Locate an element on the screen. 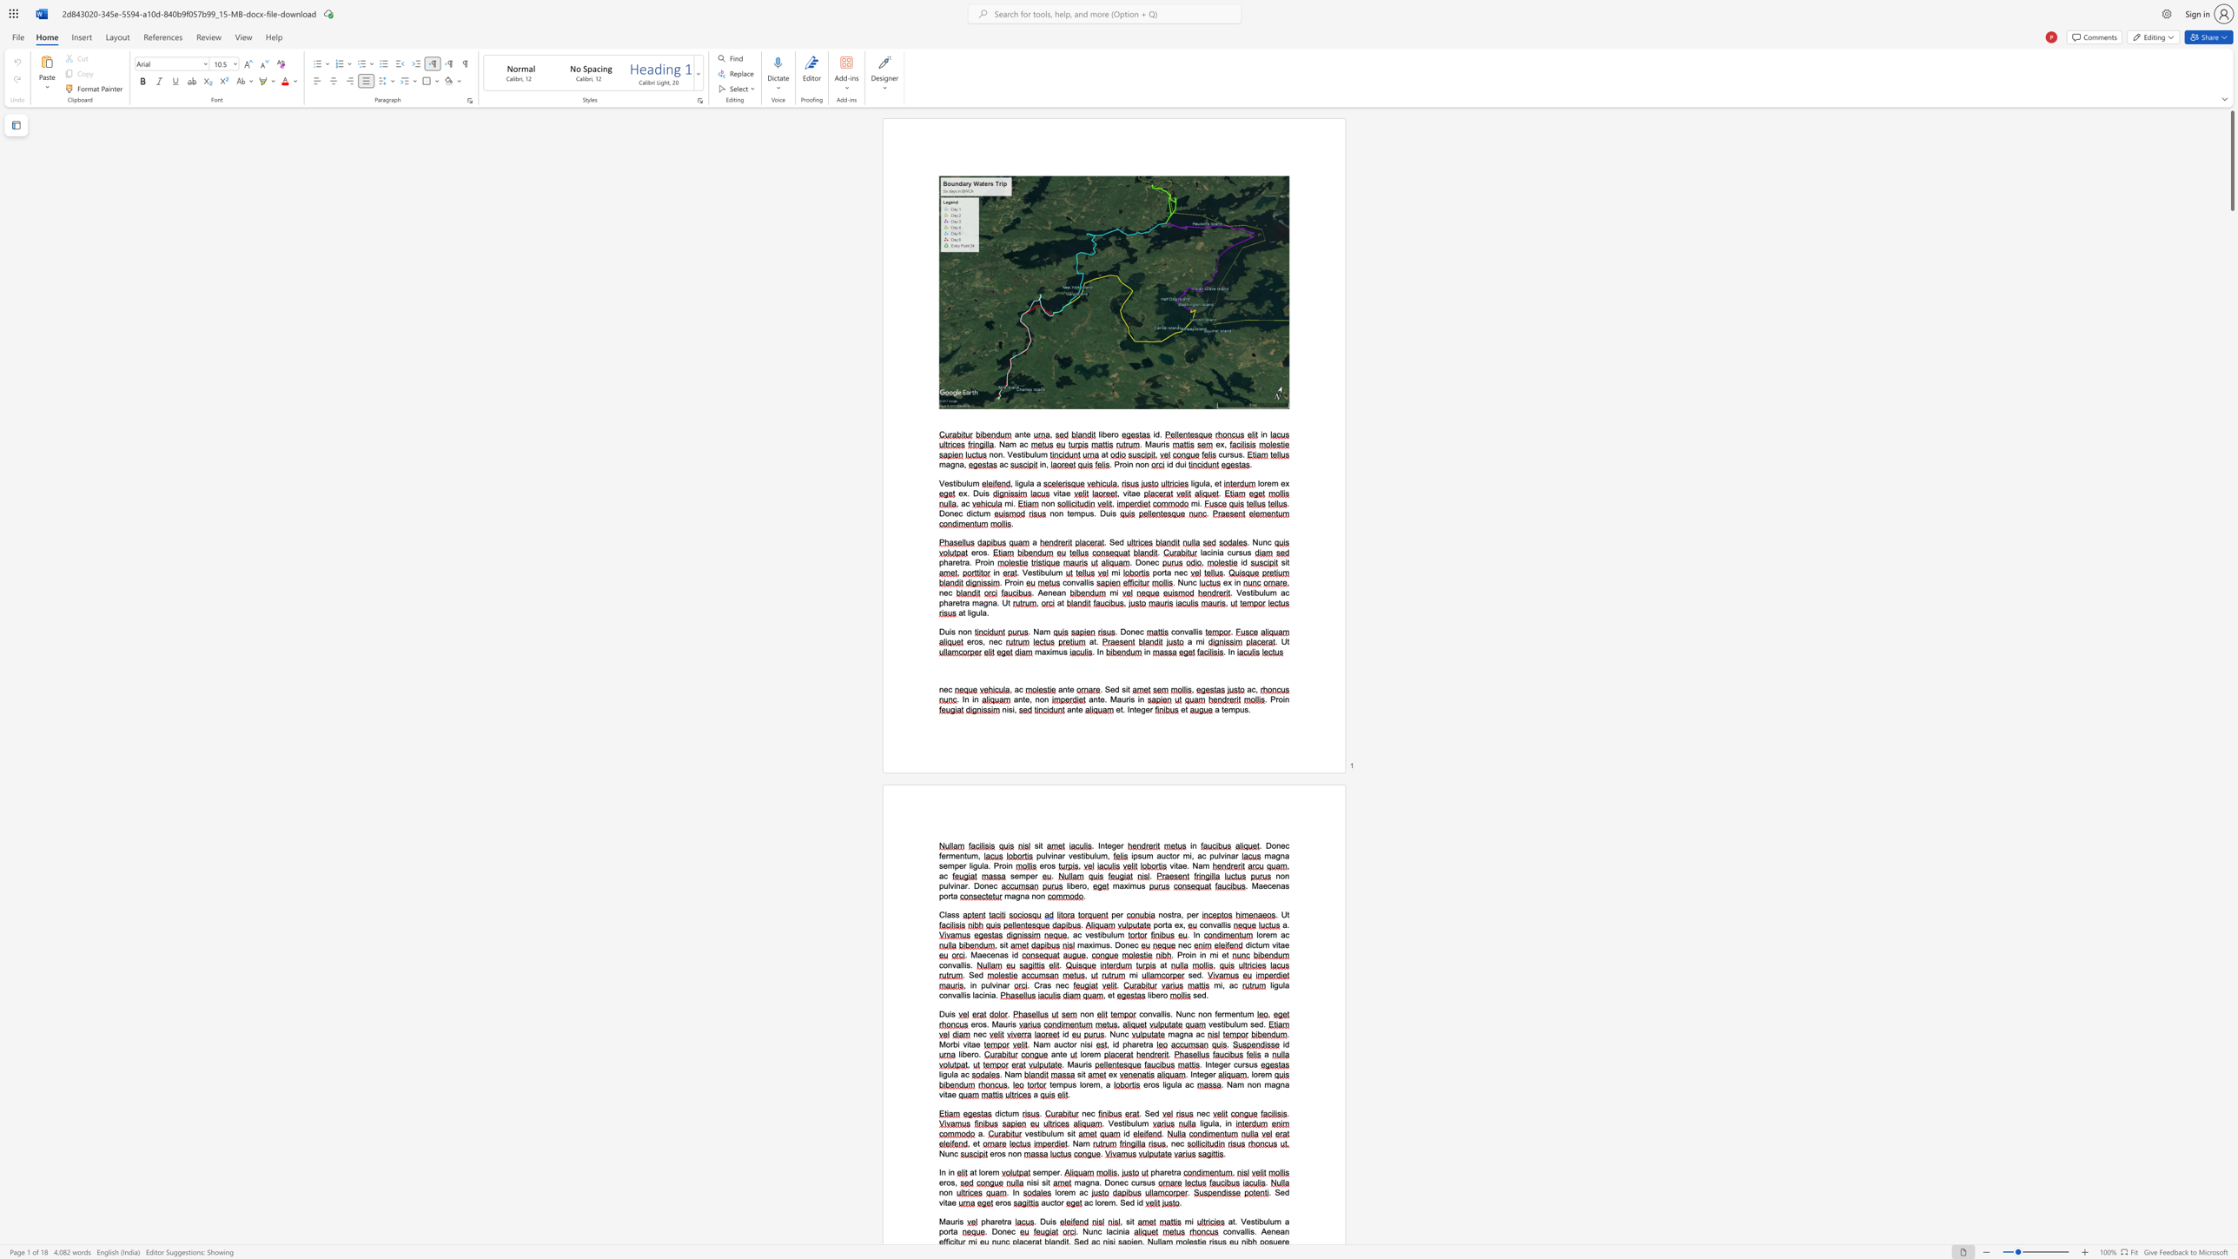 Image resolution: width=2238 pixels, height=1259 pixels. the 2th character "e" in the text is located at coordinates (1137, 709).